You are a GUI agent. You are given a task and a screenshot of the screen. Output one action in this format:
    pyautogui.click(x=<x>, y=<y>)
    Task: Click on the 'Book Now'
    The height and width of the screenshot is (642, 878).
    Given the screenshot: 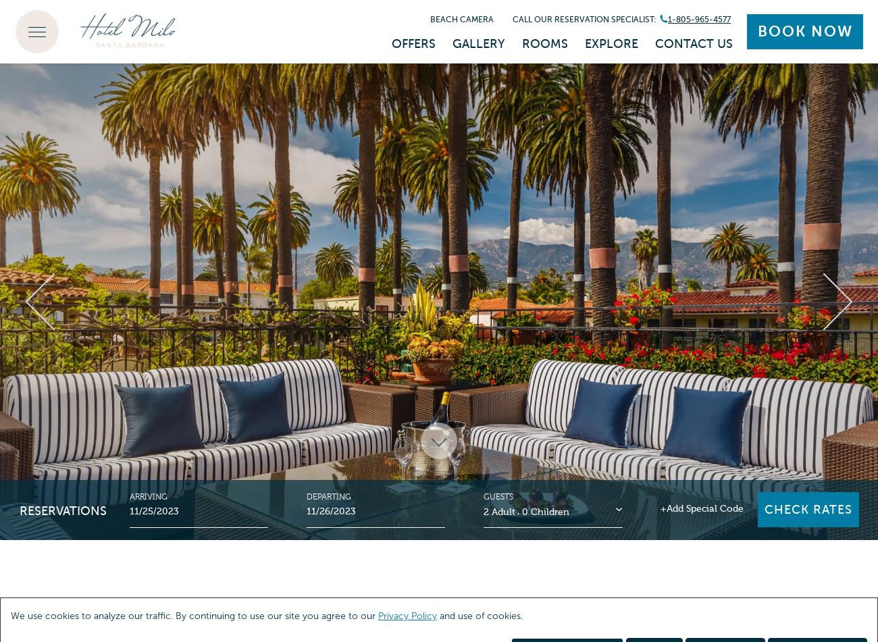 What is the action you would take?
    pyautogui.click(x=804, y=31)
    